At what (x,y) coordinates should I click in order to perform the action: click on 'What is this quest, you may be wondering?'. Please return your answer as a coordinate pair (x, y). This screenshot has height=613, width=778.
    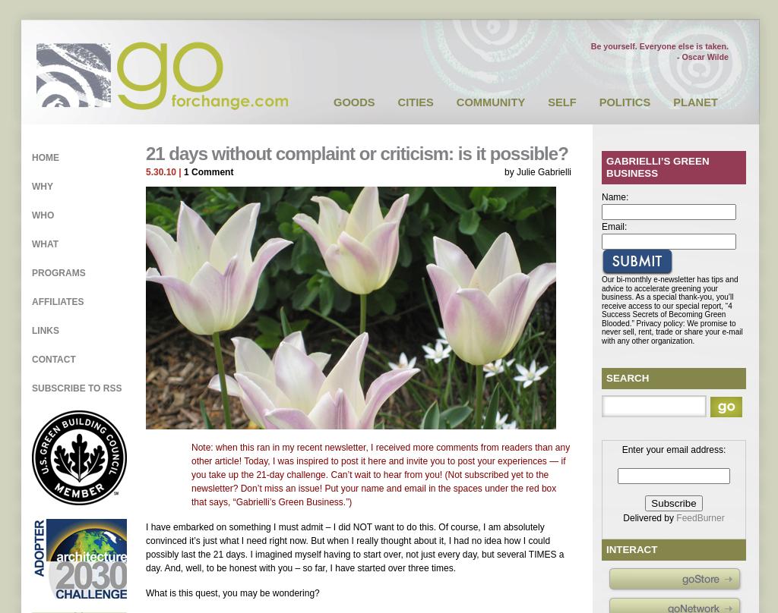
    Looking at the image, I should click on (231, 592).